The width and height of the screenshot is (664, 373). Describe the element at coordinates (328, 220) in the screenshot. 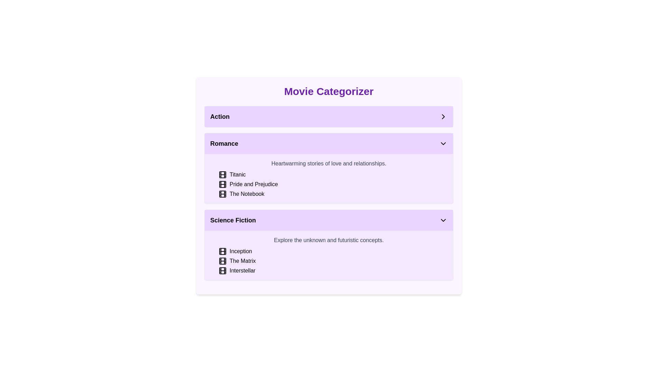

I see `the toggle button for the 'Science Fiction' section` at that location.